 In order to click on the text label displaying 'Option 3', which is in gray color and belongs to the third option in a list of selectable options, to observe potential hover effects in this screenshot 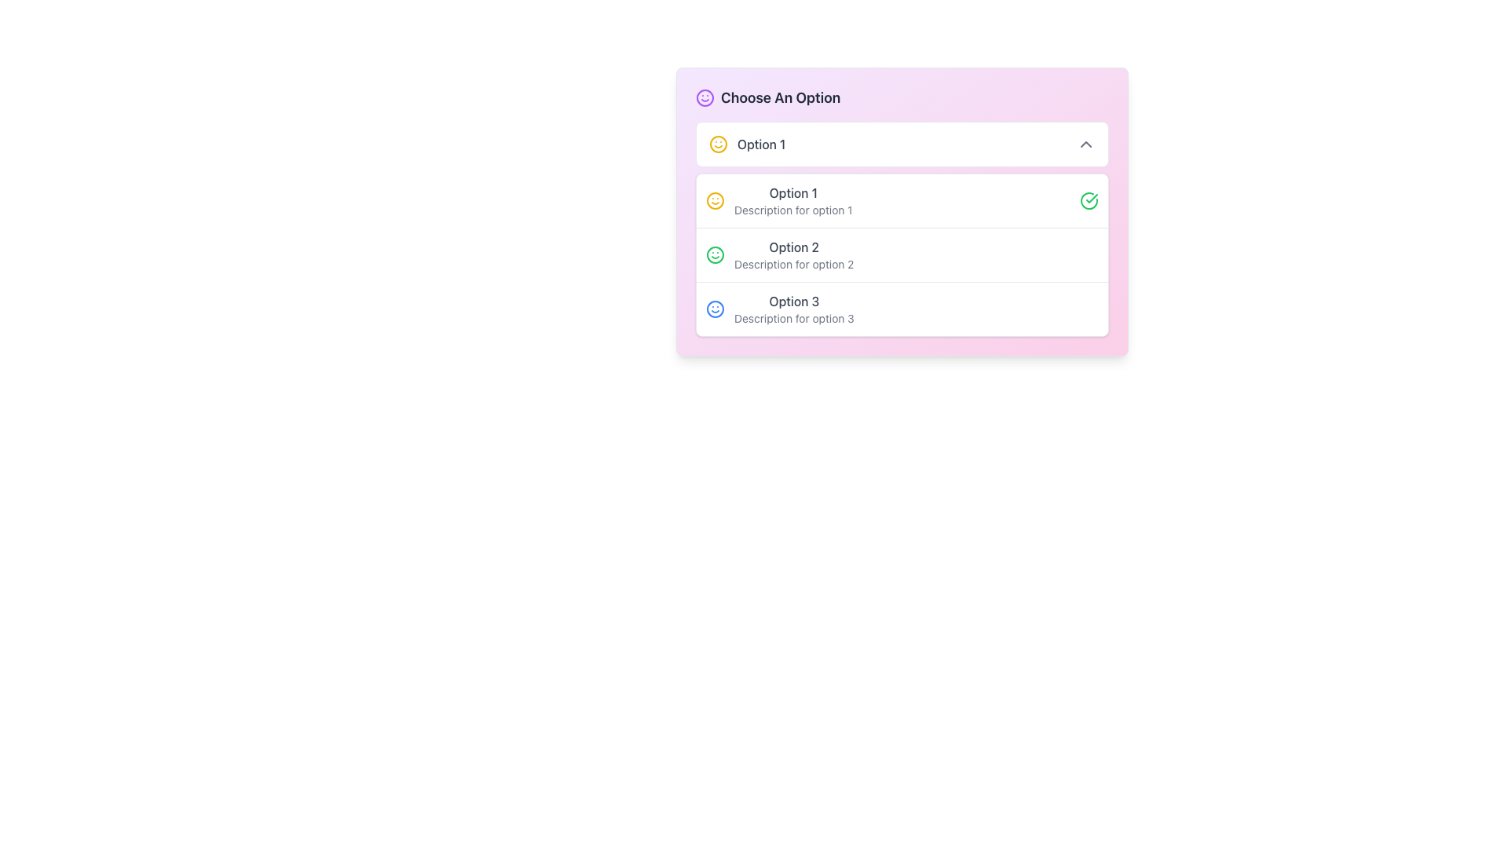, I will do `click(794, 302)`.